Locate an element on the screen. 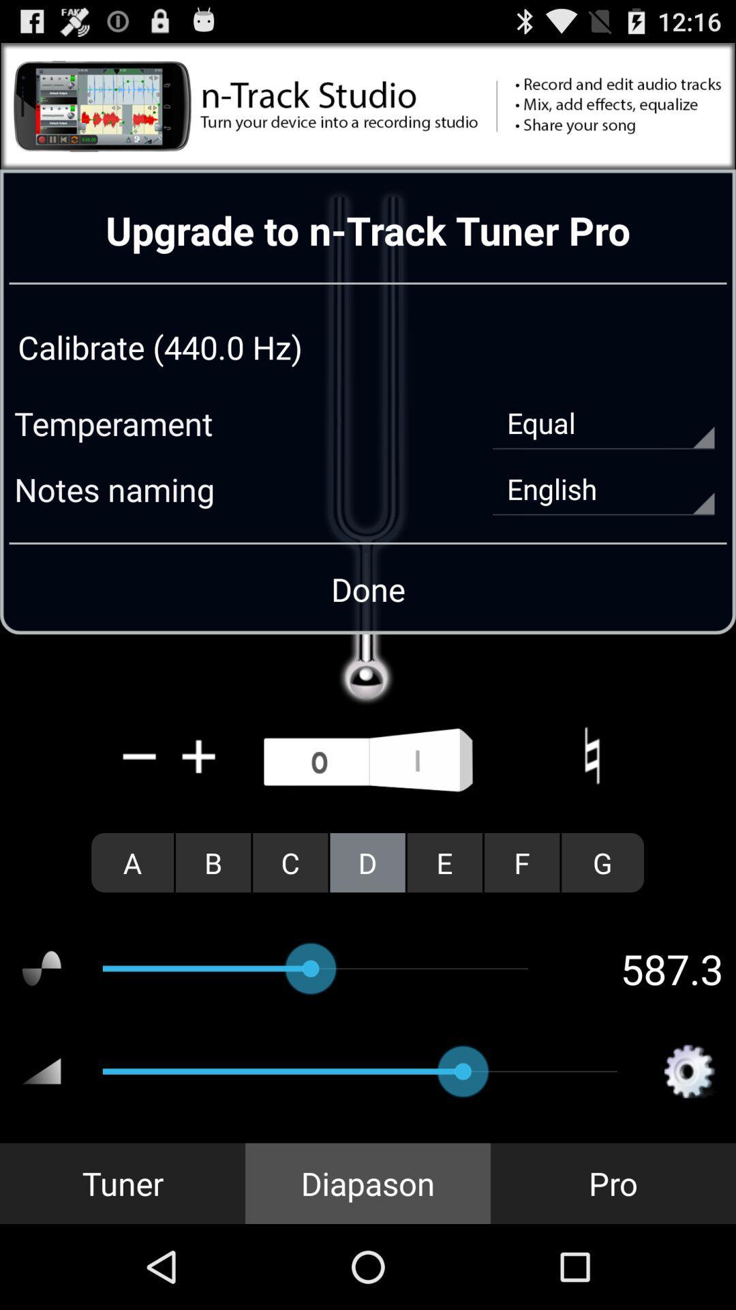 This screenshot has width=736, height=1310. the minus icon is located at coordinates (140, 809).